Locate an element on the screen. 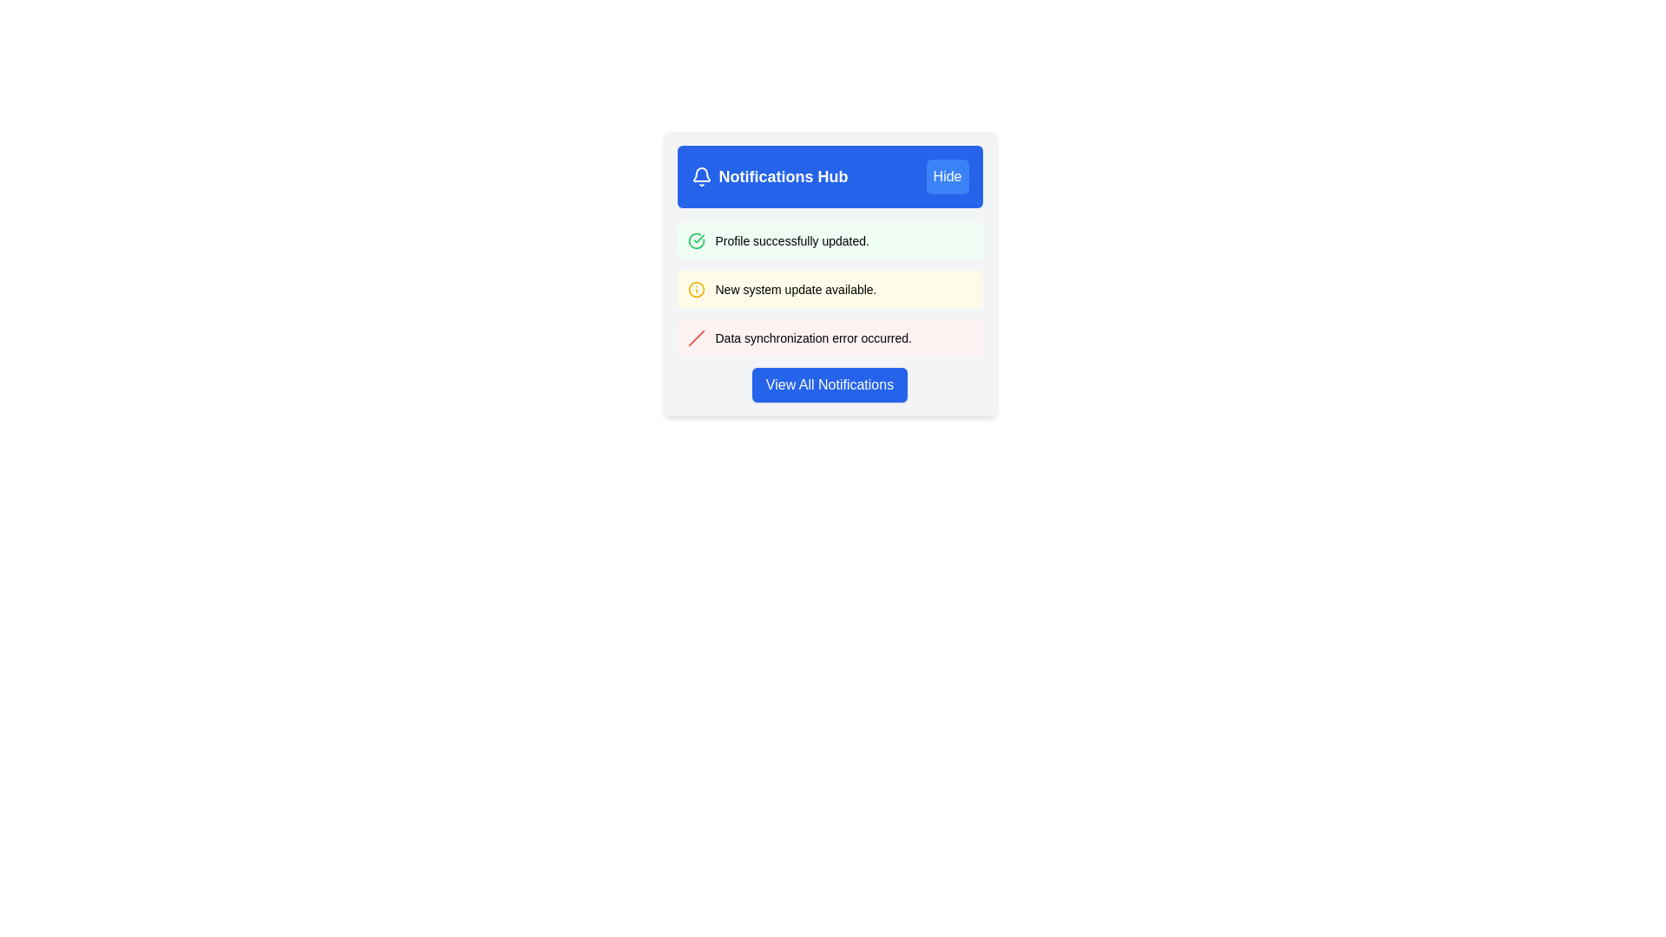 This screenshot has width=1666, height=937. the curved line segment of the blue notification bell icon located in the top-left corner of the blue header section in the notification panel is located at coordinates (701, 174).